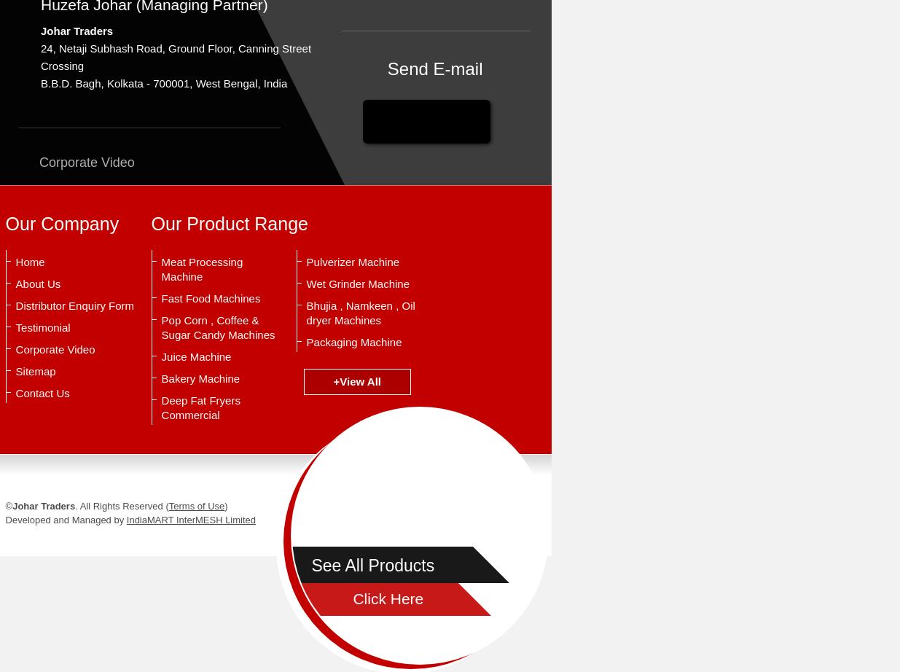 This screenshot has width=900, height=672. What do you see at coordinates (202, 268) in the screenshot?
I see `'Meat Processing Machine'` at bounding box center [202, 268].